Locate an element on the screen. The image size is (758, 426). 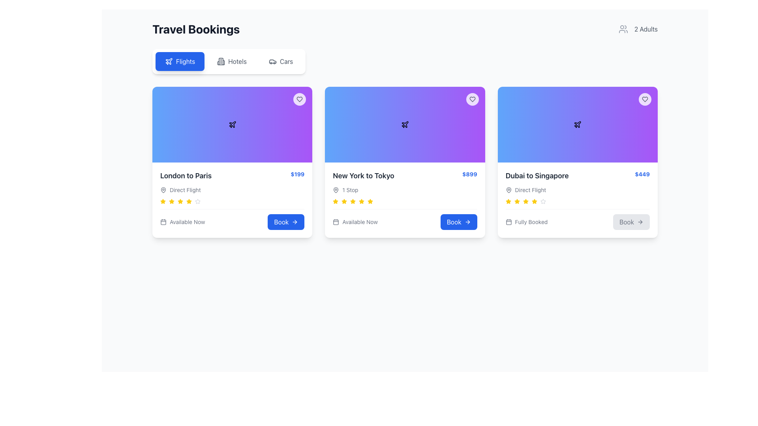
the yellow star-shaped icon representing the fourth star is located at coordinates (162, 201).